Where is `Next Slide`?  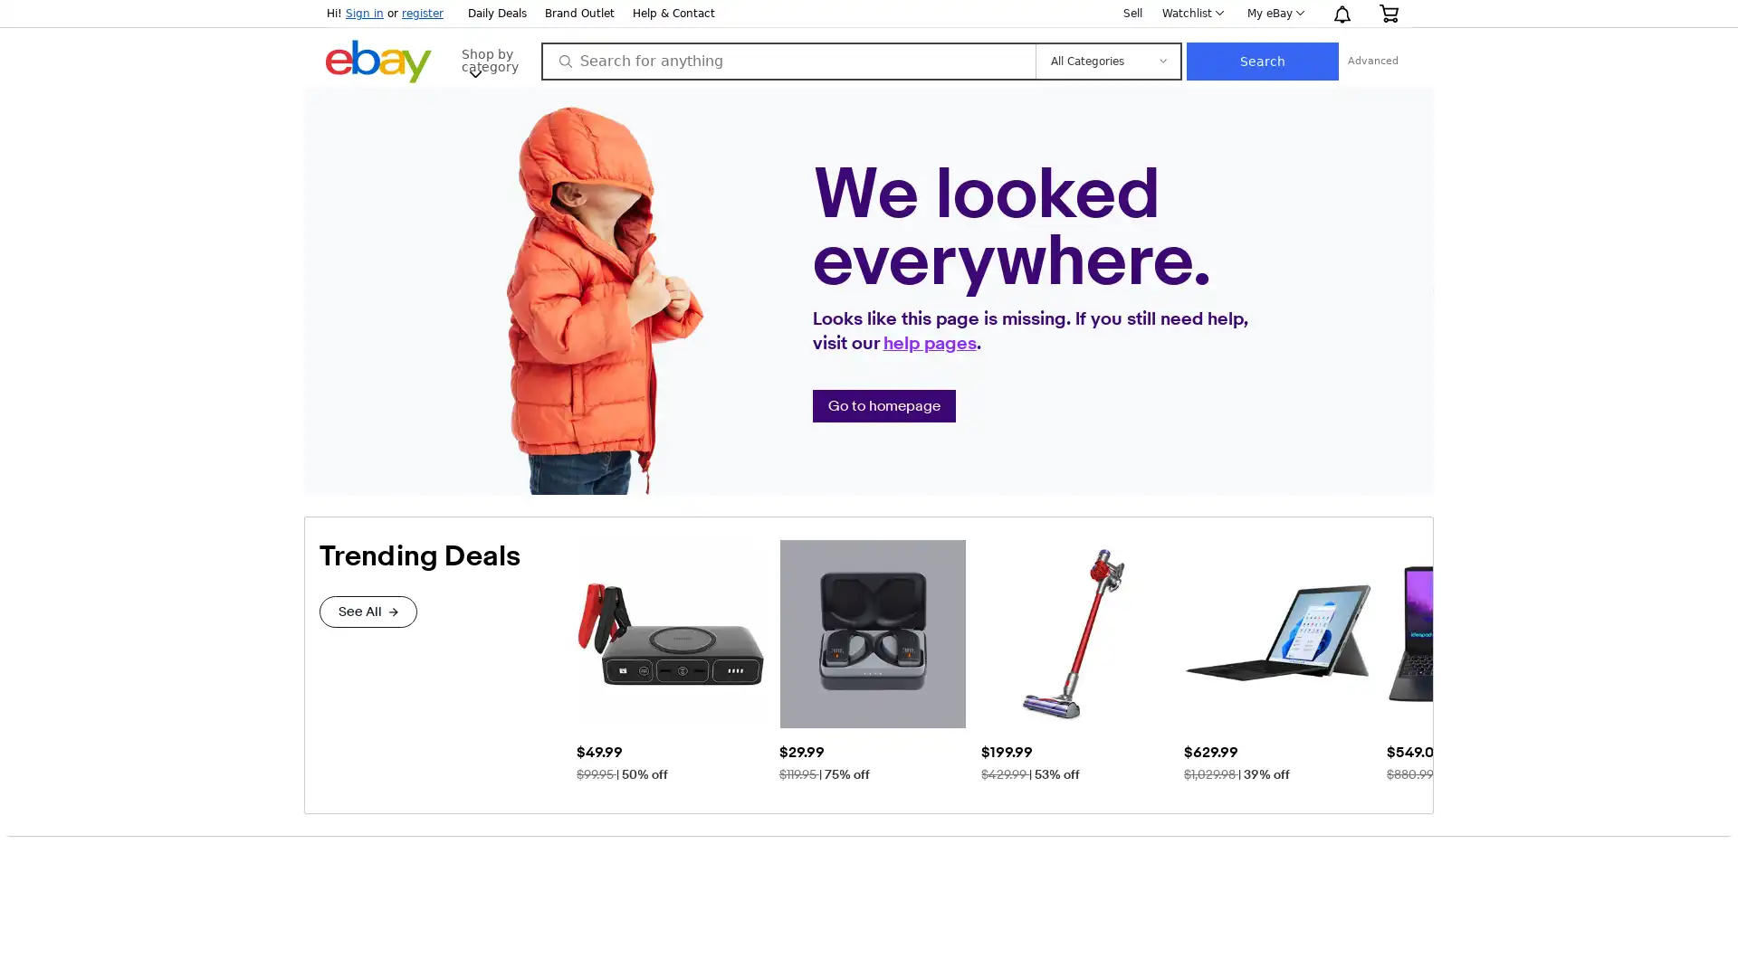
Next Slide is located at coordinates (1417, 659).